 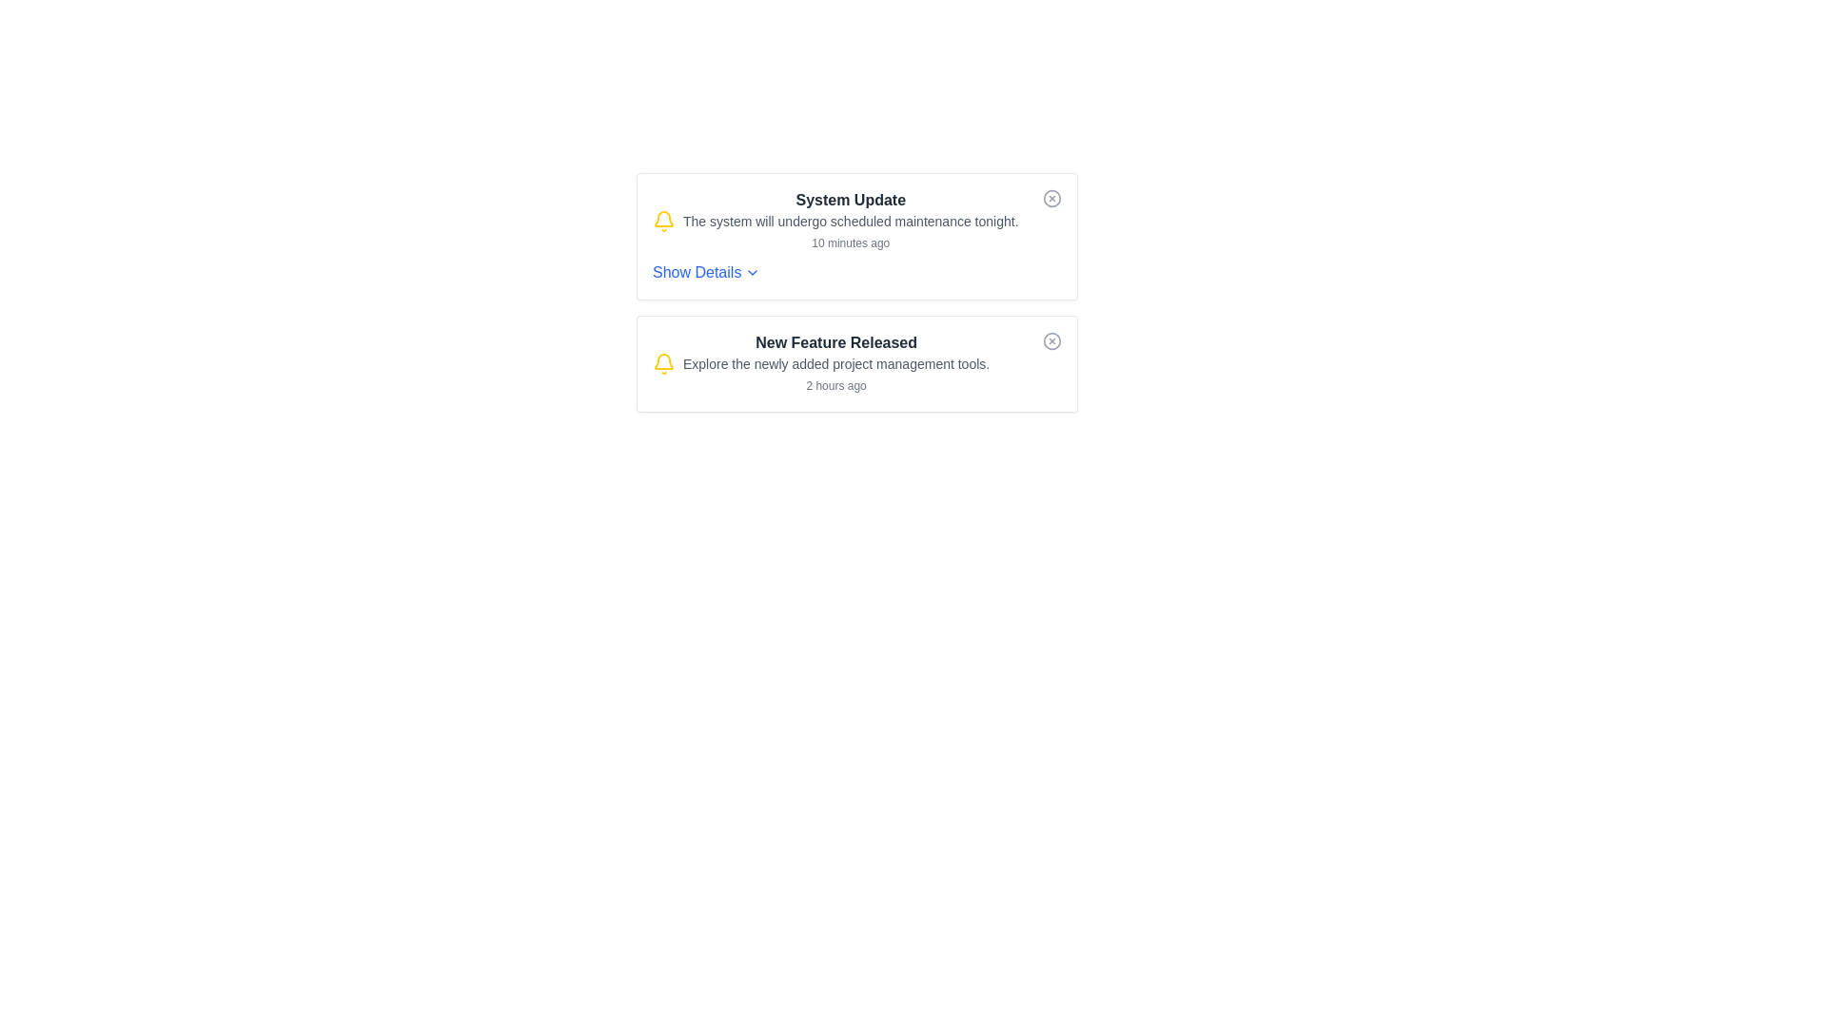 What do you see at coordinates (663, 361) in the screenshot?
I see `the decorative part of the notification icon, which is the bottom inner portion of the bell icon located to the left of the 'System Update' notification text` at bounding box center [663, 361].